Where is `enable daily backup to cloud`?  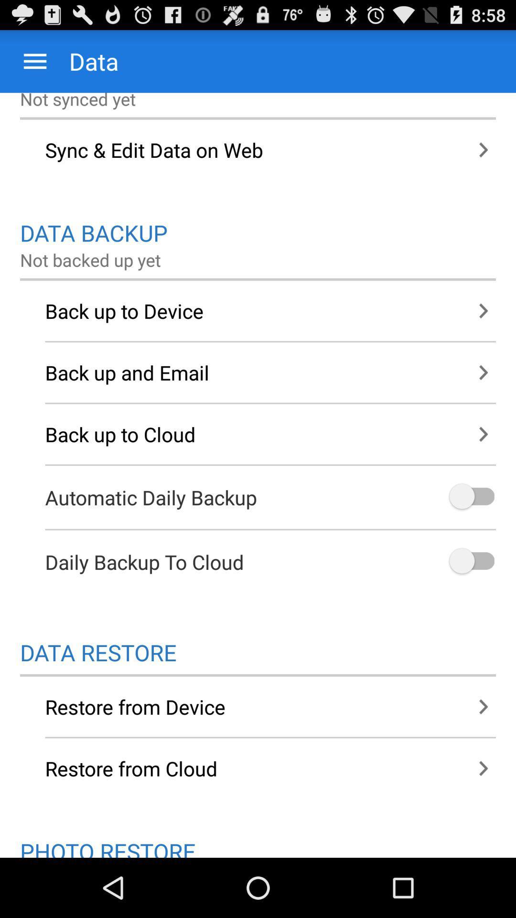
enable daily backup to cloud is located at coordinates (470, 562).